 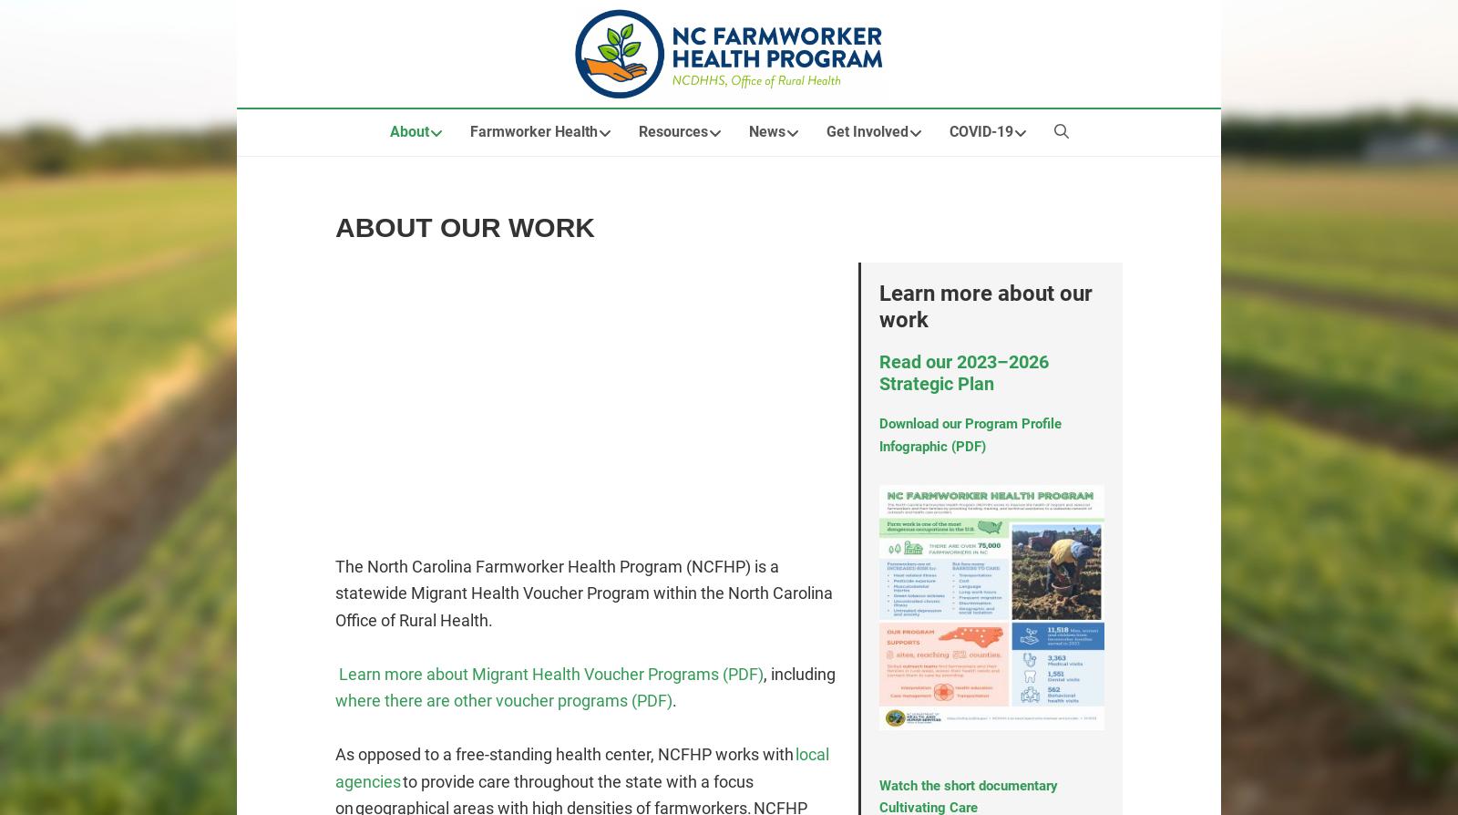 What do you see at coordinates (901, 196) in the screenshot?
I see `'Volunteer Opportunities'` at bounding box center [901, 196].